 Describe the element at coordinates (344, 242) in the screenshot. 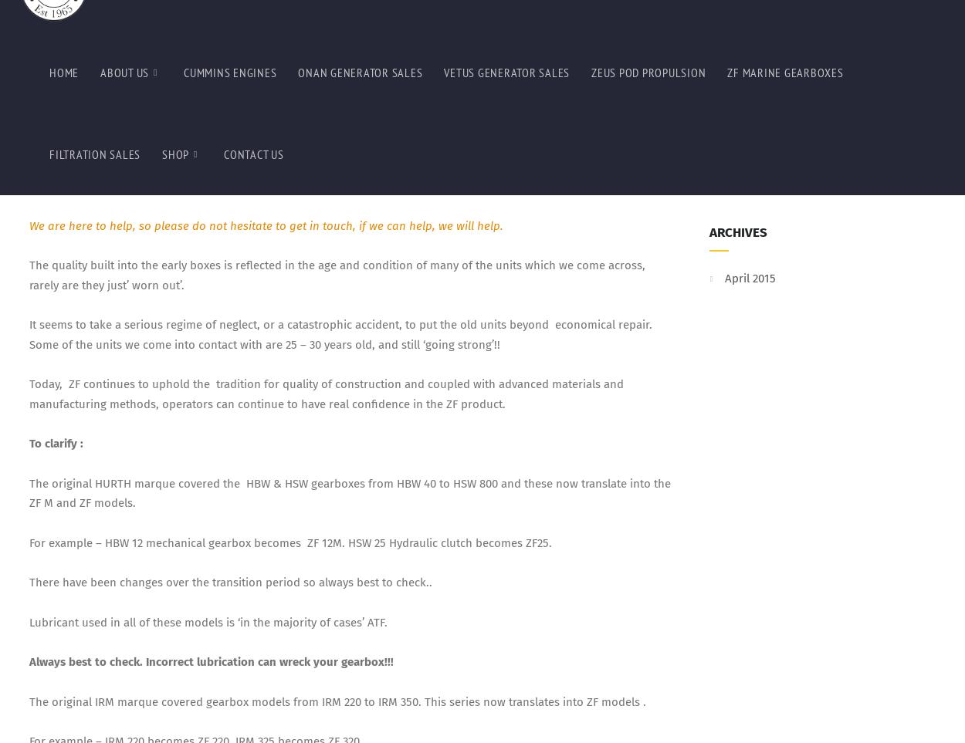

I see `'Lubricant used in these models ‘in the majority of cases’, SAE 30 or SAE 40 dependent on the area of the world where the gearbox is to go into service.'` at that location.